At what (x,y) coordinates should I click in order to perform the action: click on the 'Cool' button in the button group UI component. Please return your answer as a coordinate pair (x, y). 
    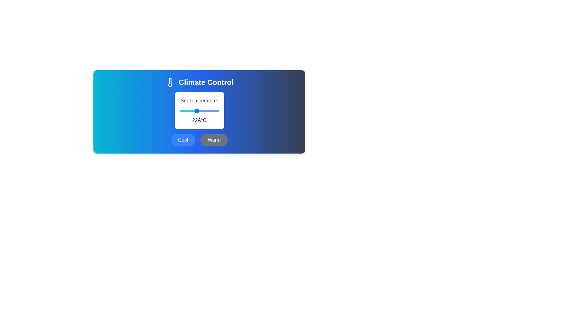
    Looking at the image, I should click on (199, 140).